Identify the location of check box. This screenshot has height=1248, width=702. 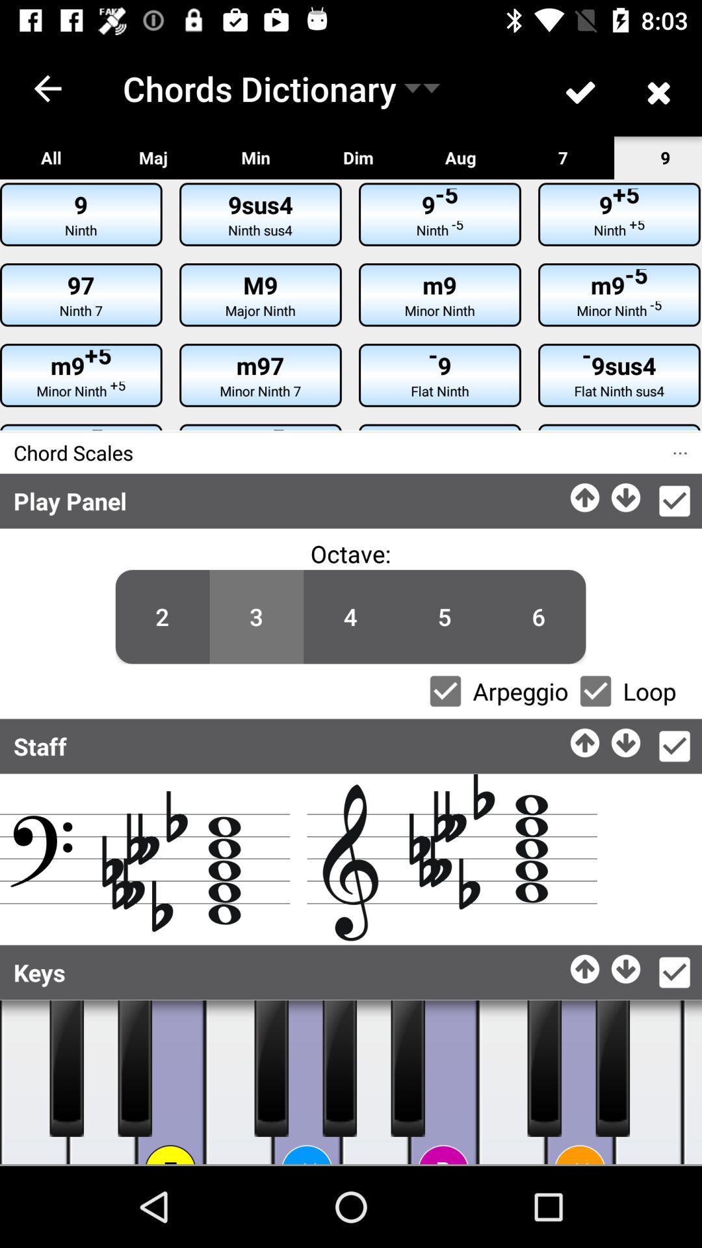
(445, 690).